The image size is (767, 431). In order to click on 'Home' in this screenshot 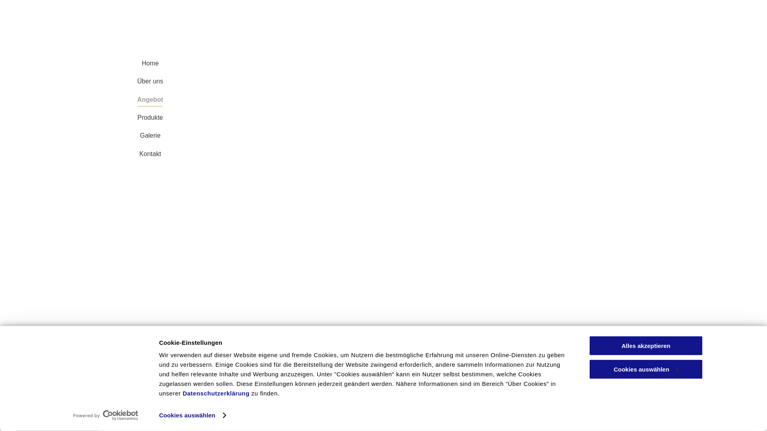, I will do `click(291, 382)`.